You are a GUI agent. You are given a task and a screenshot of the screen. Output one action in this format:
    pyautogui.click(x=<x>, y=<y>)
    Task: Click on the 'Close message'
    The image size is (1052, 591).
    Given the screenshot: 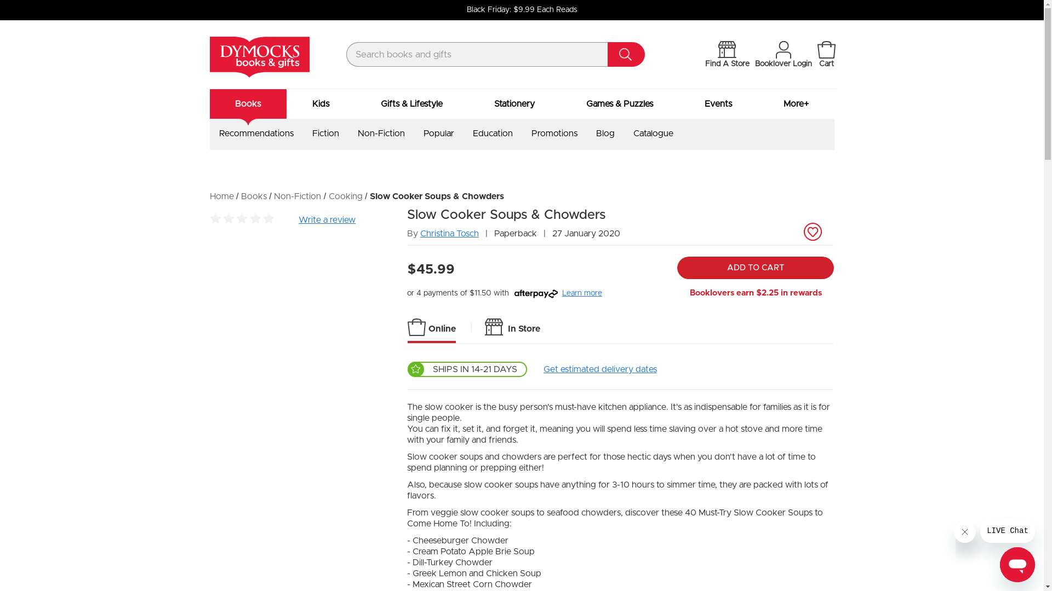 What is the action you would take?
    pyautogui.click(x=965, y=531)
    